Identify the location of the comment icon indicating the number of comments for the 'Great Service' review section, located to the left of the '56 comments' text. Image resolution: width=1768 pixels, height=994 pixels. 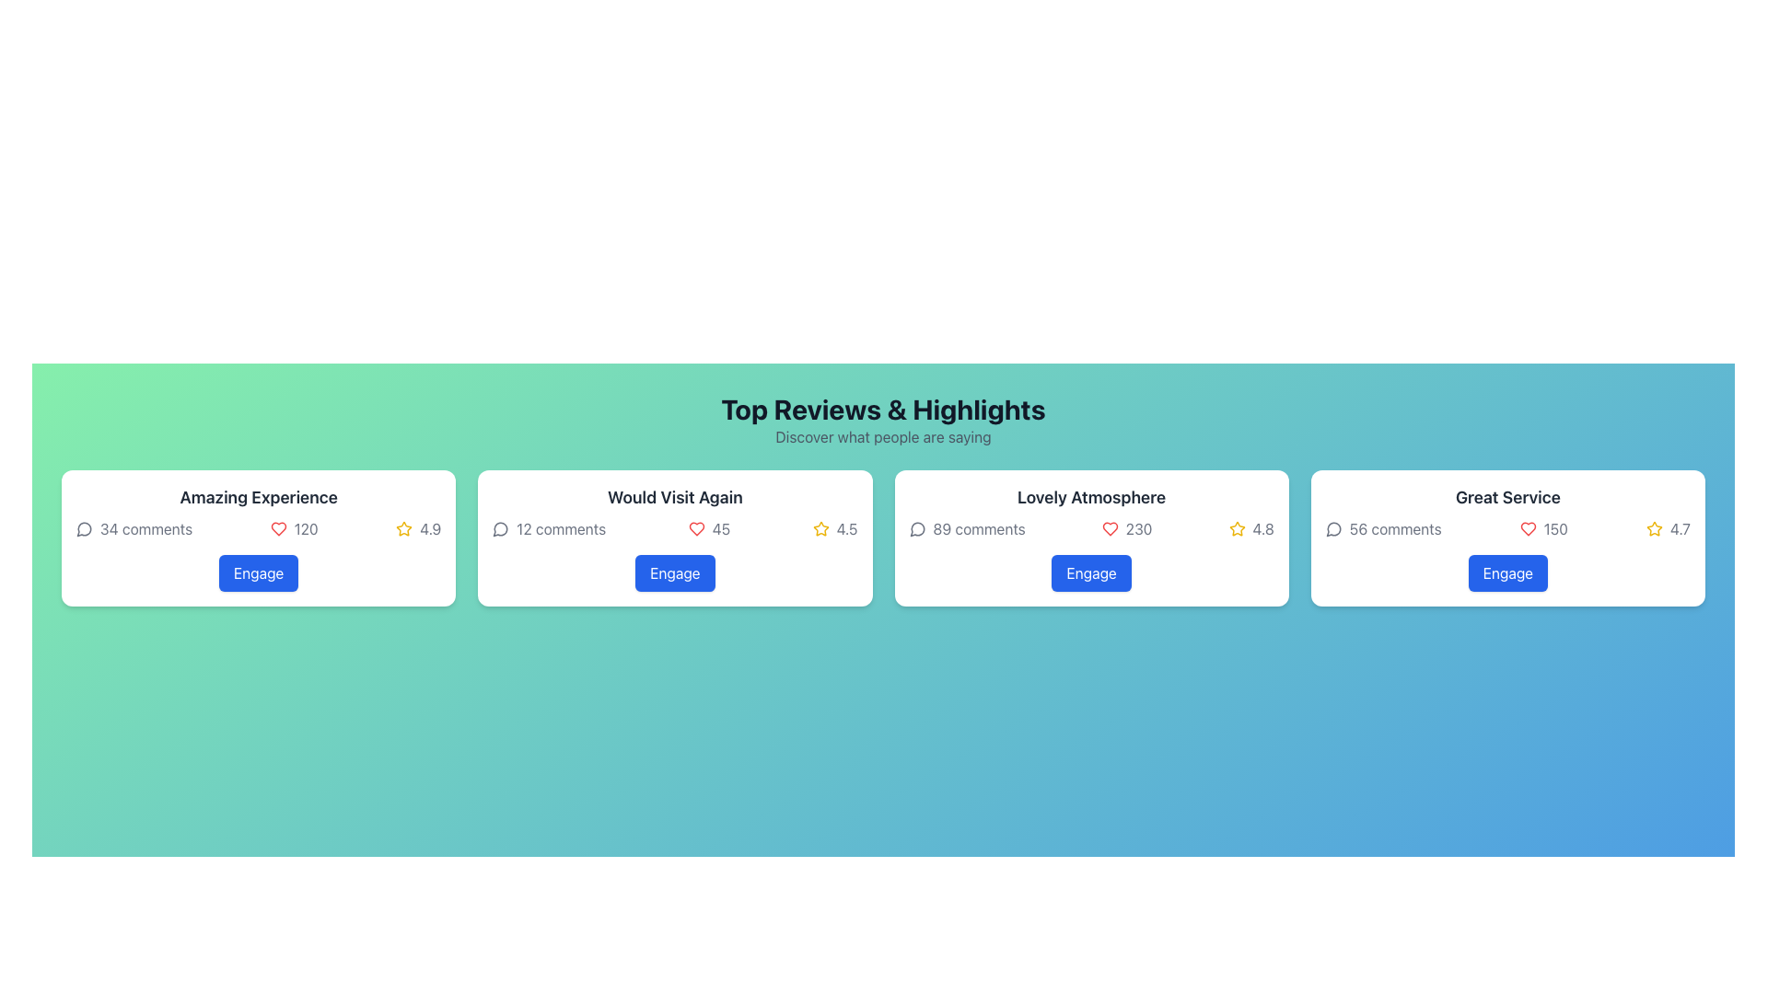
(1333, 528).